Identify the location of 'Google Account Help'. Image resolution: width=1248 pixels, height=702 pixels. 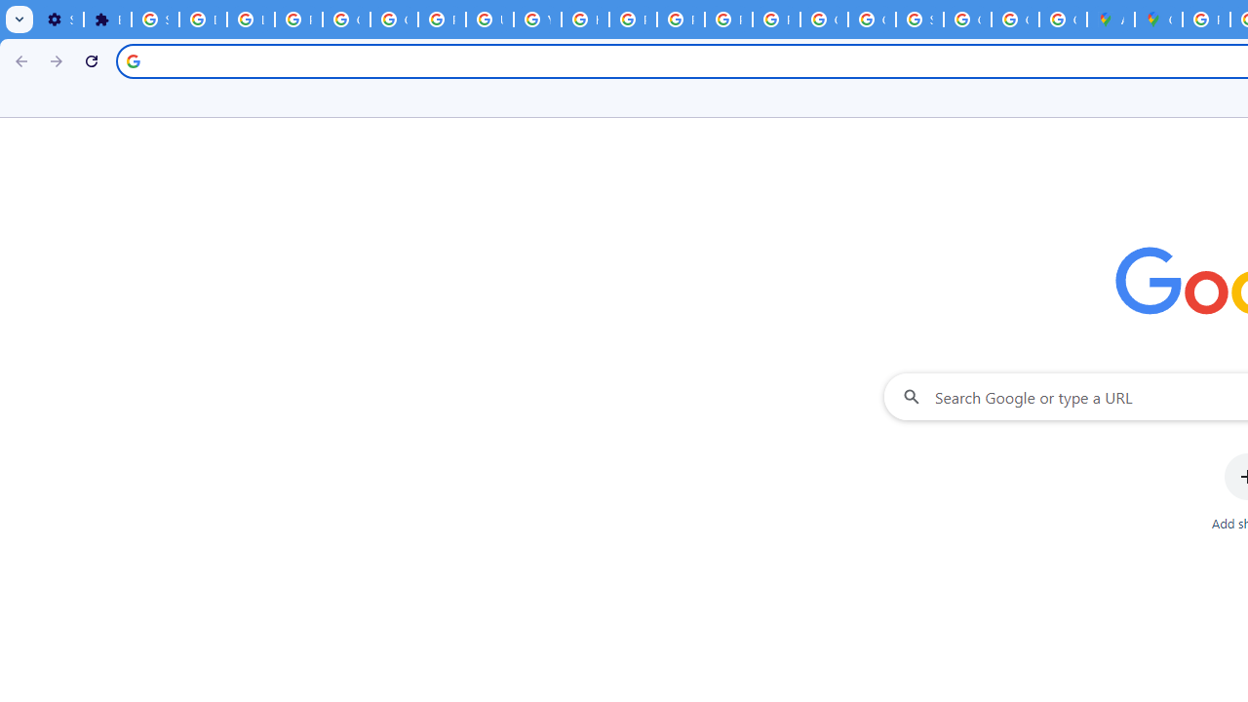
(393, 19).